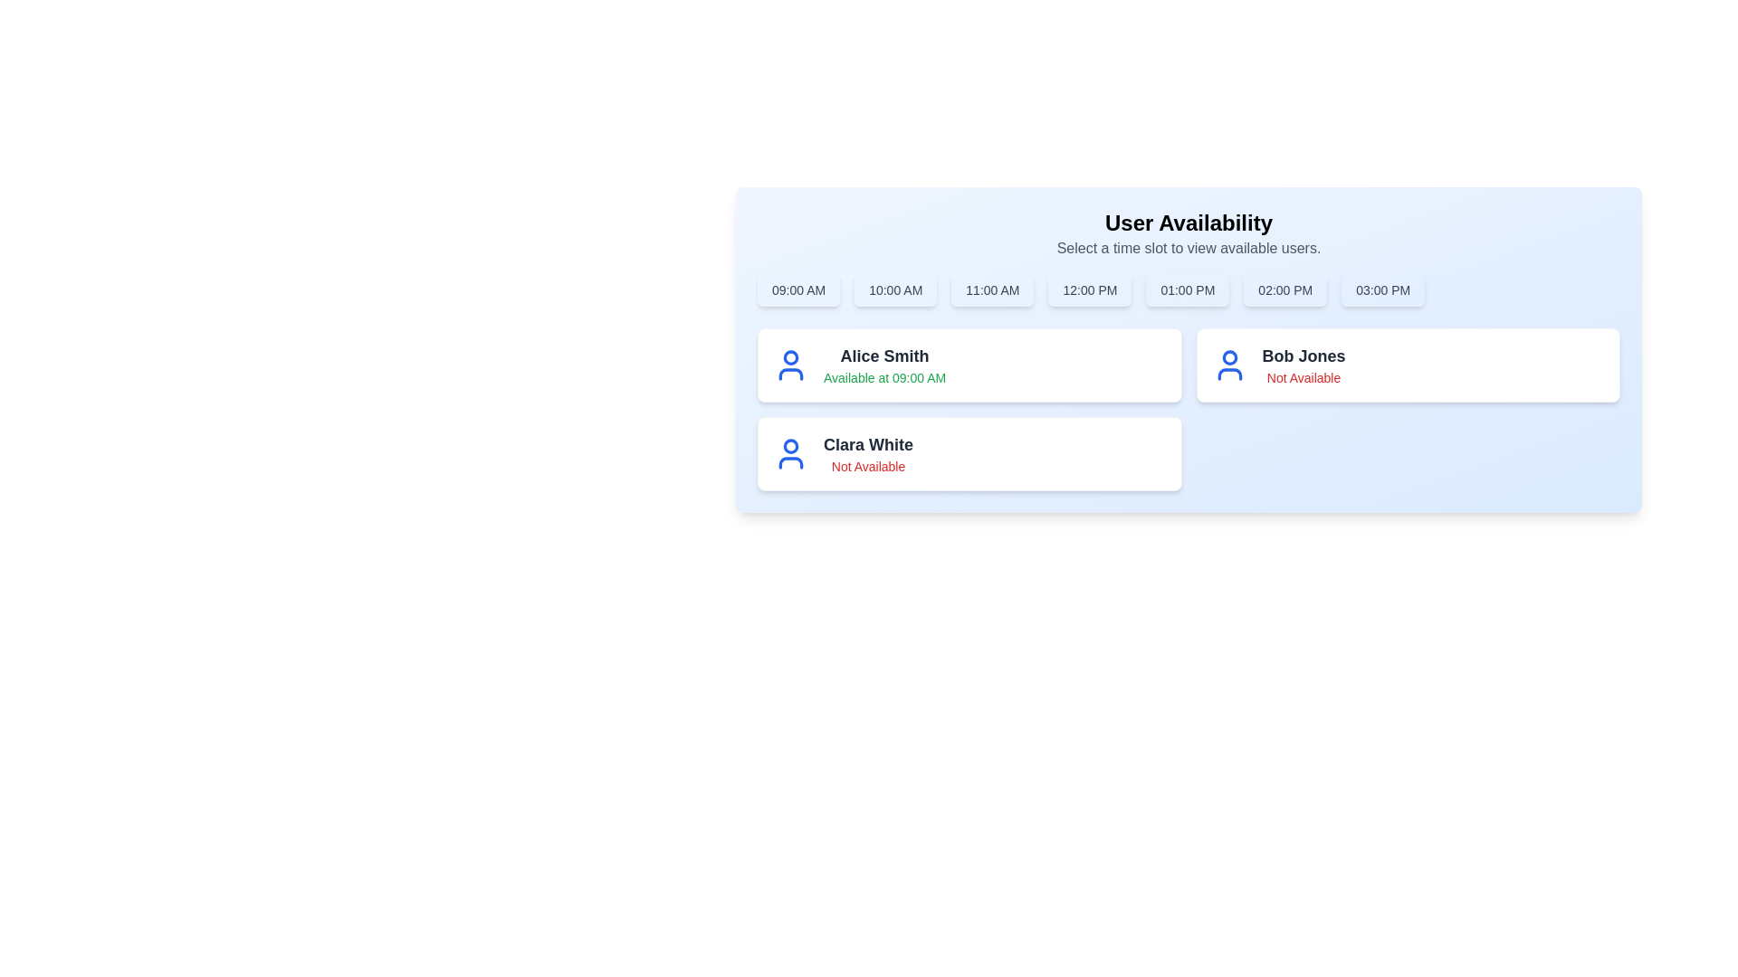 This screenshot has width=1738, height=977. What do you see at coordinates (1284, 289) in the screenshot?
I see `the button labeled '02:00 PM' using keyboard navigation` at bounding box center [1284, 289].